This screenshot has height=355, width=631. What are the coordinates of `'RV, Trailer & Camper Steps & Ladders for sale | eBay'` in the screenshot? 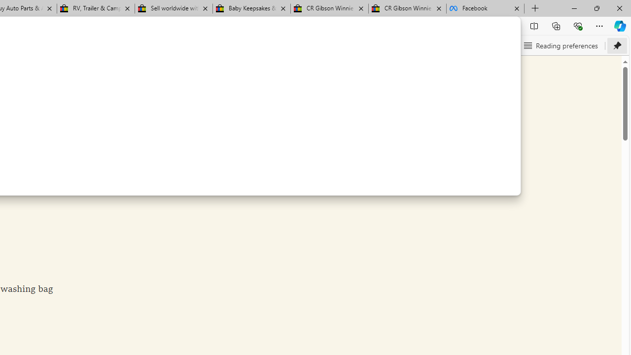 It's located at (96, 8).